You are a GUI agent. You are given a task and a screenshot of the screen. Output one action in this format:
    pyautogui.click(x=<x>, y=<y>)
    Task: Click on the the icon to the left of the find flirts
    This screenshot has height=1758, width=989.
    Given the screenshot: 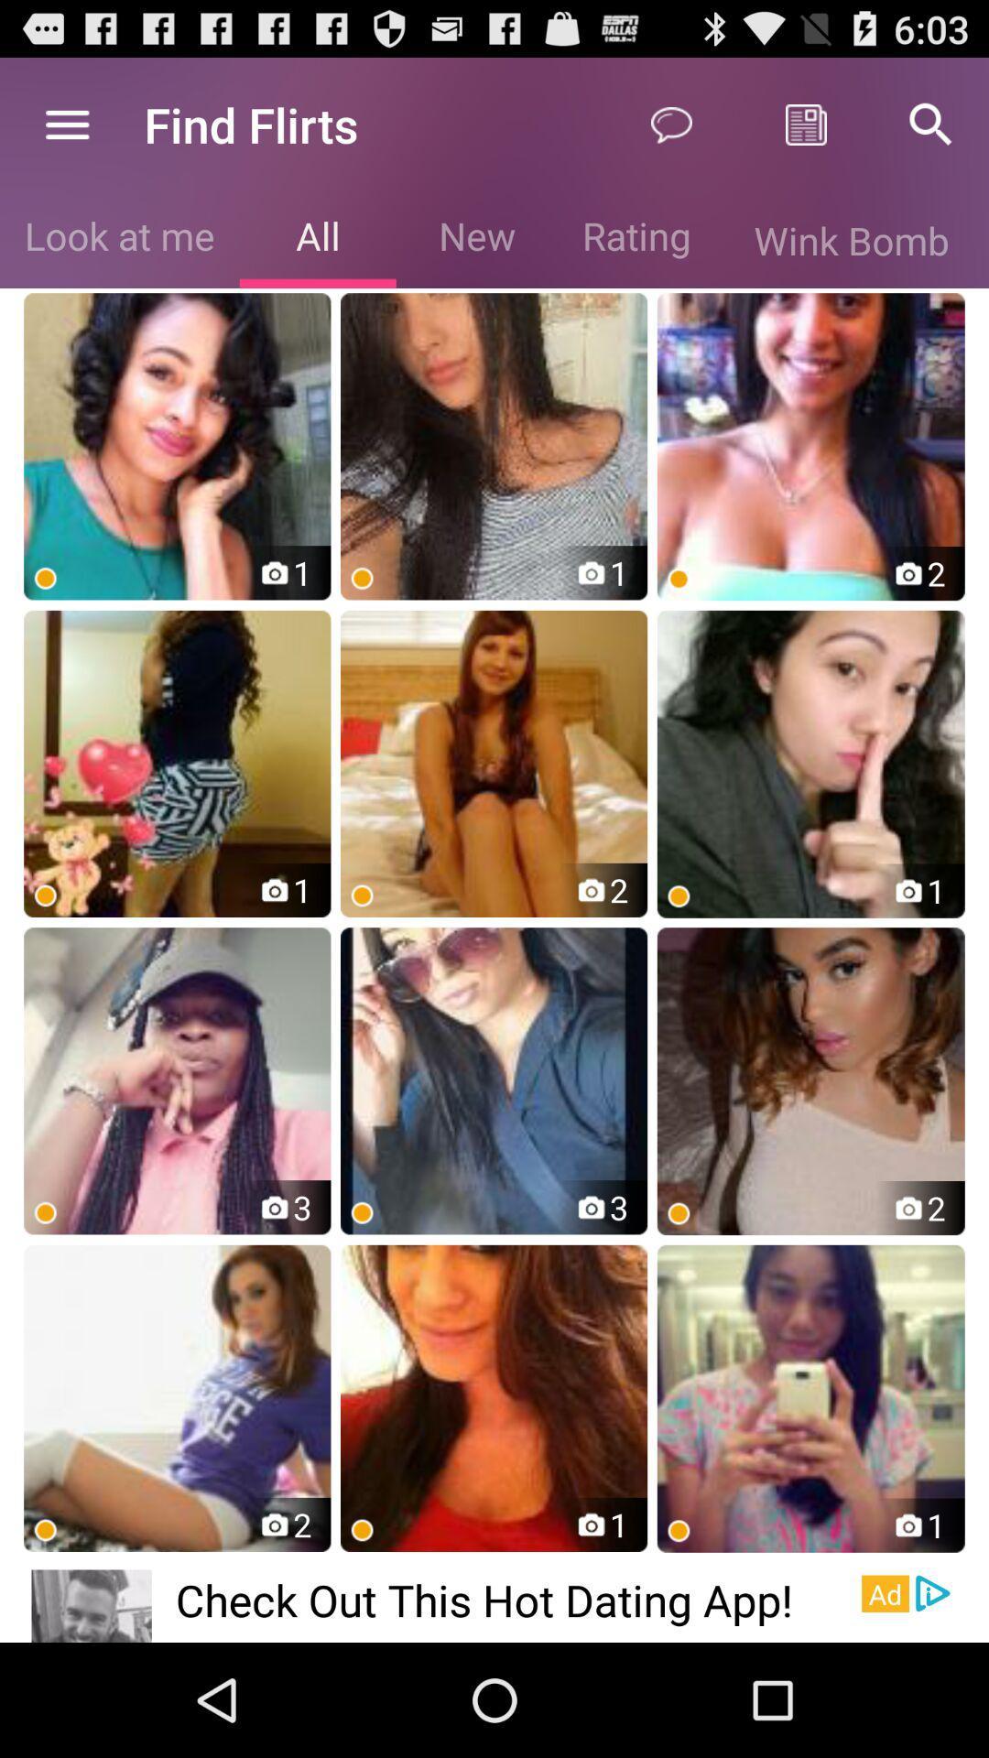 What is the action you would take?
    pyautogui.click(x=66, y=124)
    